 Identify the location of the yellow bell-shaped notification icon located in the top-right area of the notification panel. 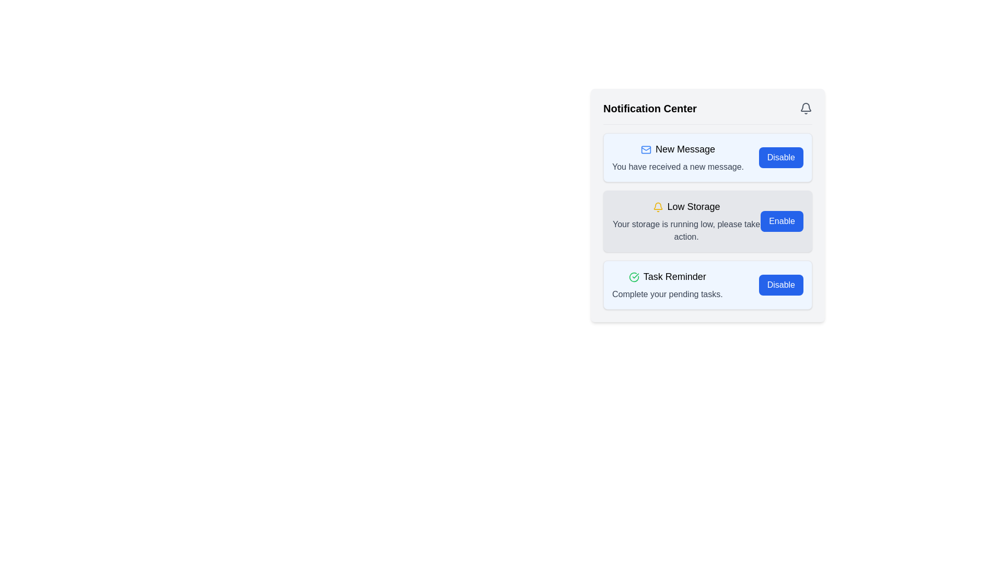
(657, 206).